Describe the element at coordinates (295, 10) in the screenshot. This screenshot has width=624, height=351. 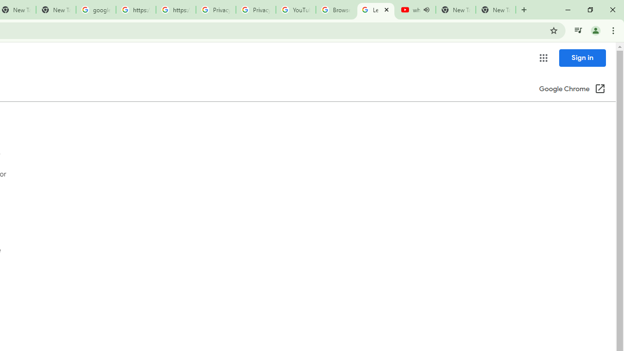
I see `'YouTube'` at that location.